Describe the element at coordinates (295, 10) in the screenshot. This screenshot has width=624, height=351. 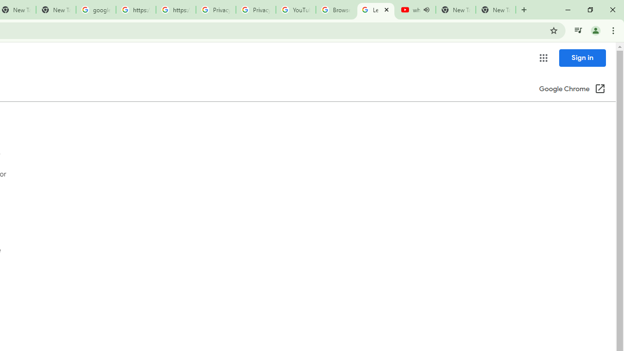
I see `'YouTube'` at that location.